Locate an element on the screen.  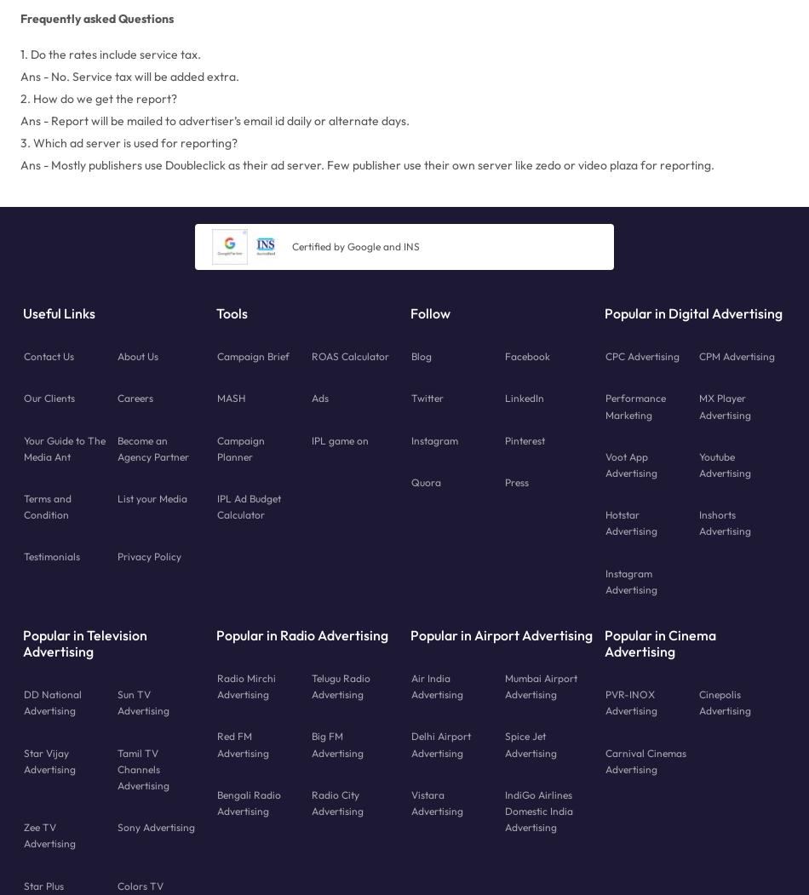
'Red FM Advertising' is located at coordinates (242, 743).